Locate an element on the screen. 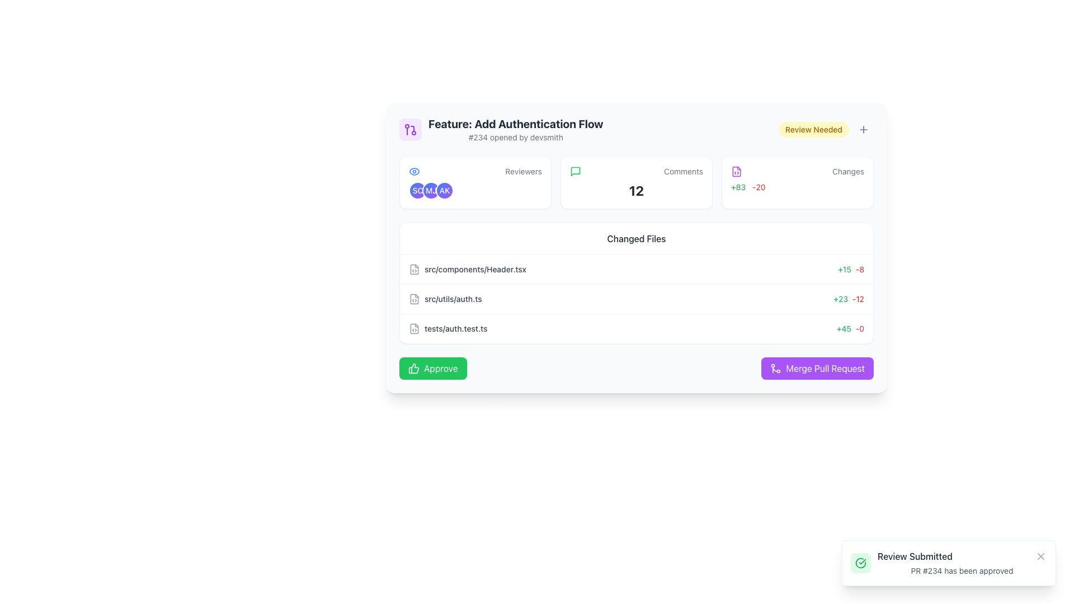 The image size is (1074, 604). the circular gray button with an 'X' icon in the top-right corner of the 'Review Submitted' panel is located at coordinates (1040, 556).